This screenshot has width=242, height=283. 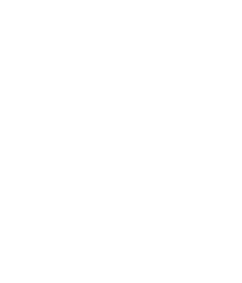 I want to click on 'Subscribe', so click(x=31, y=40).